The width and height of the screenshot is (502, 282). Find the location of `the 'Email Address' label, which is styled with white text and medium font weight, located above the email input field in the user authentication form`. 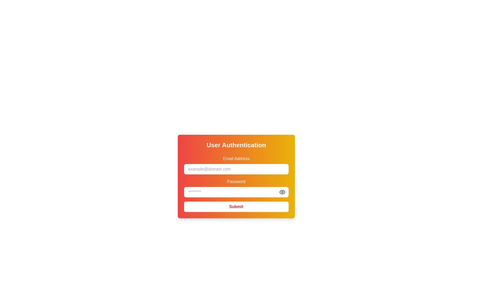

the 'Email Address' label, which is styled with white text and medium font weight, located above the email input field in the user authentication form is located at coordinates (236, 158).